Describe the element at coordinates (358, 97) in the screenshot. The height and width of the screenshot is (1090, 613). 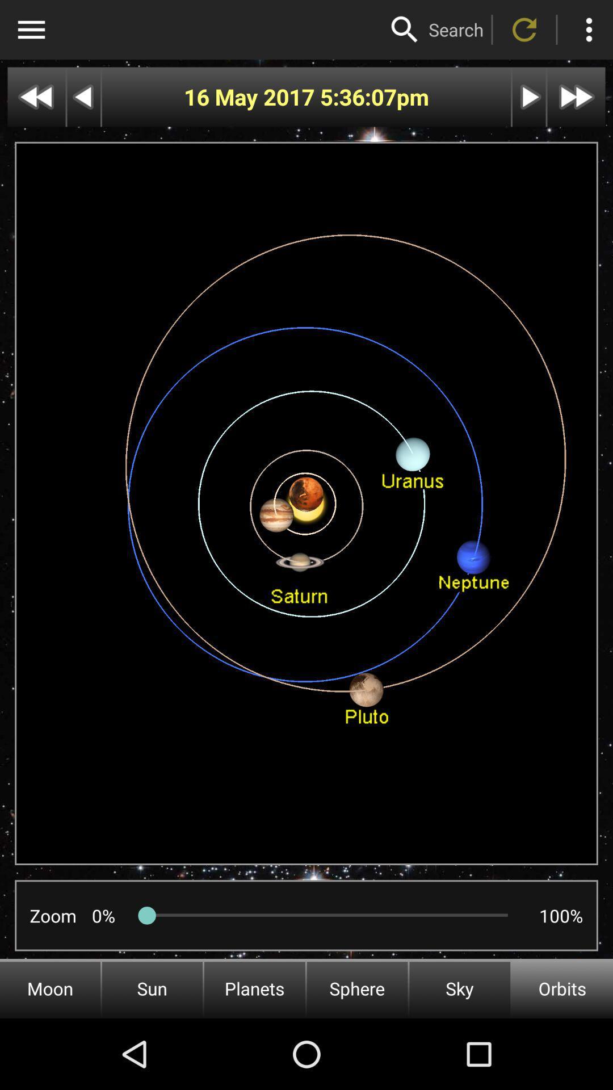
I see `the icon next to pm icon` at that location.